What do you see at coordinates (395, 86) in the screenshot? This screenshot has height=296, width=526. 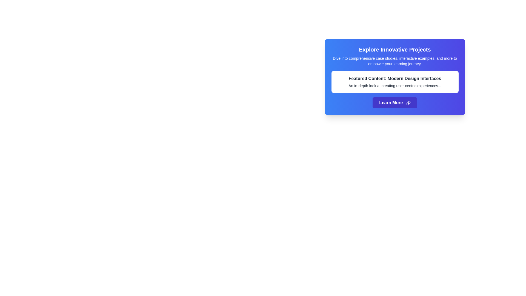 I see `the Text label providing additional context below the header 'Featured Content: Modern Design Interfaces' in the top-right region of the interface` at bounding box center [395, 86].